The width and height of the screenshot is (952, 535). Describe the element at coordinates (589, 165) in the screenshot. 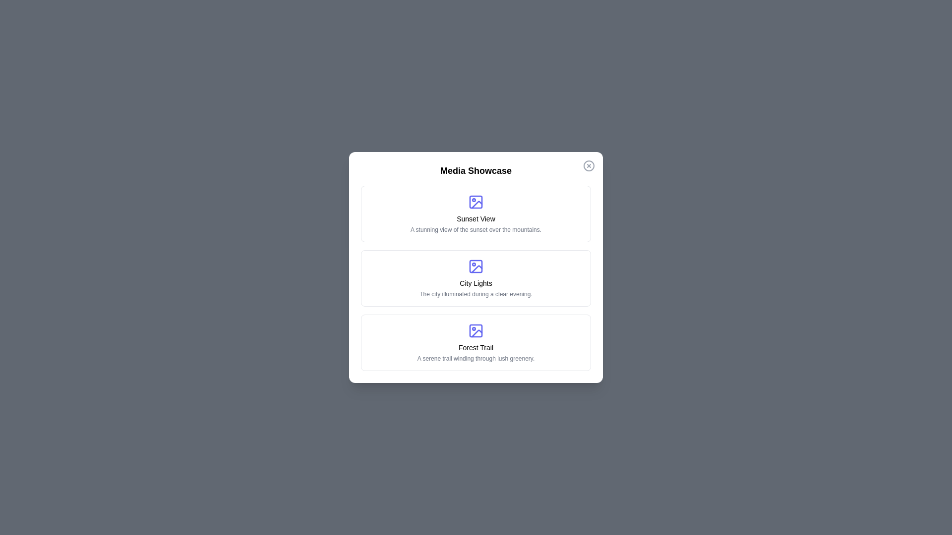

I see `the close button to close the Media Showcase Dialog` at that location.